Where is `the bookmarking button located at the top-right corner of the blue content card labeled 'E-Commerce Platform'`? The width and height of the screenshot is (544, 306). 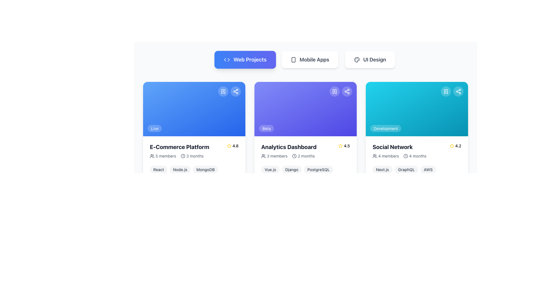
the bookmarking button located at the top-right corner of the blue content card labeled 'E-Commerce Platform' is located at coordinates (223, 91).